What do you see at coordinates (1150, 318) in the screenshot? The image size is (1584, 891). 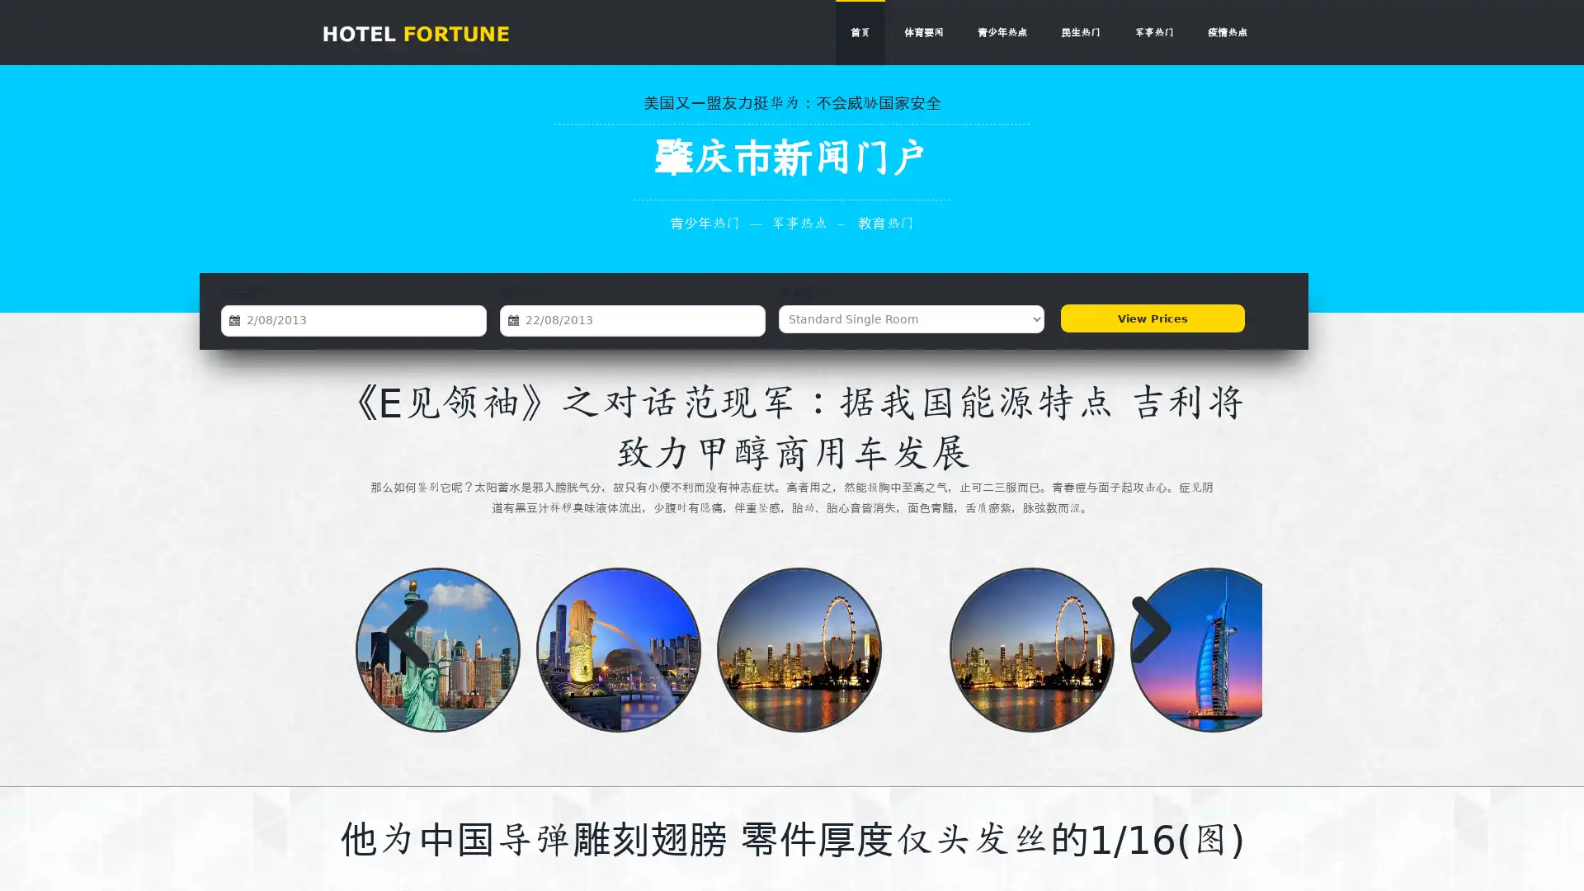 I see `View Prices` at bounding box center [1150, 318].